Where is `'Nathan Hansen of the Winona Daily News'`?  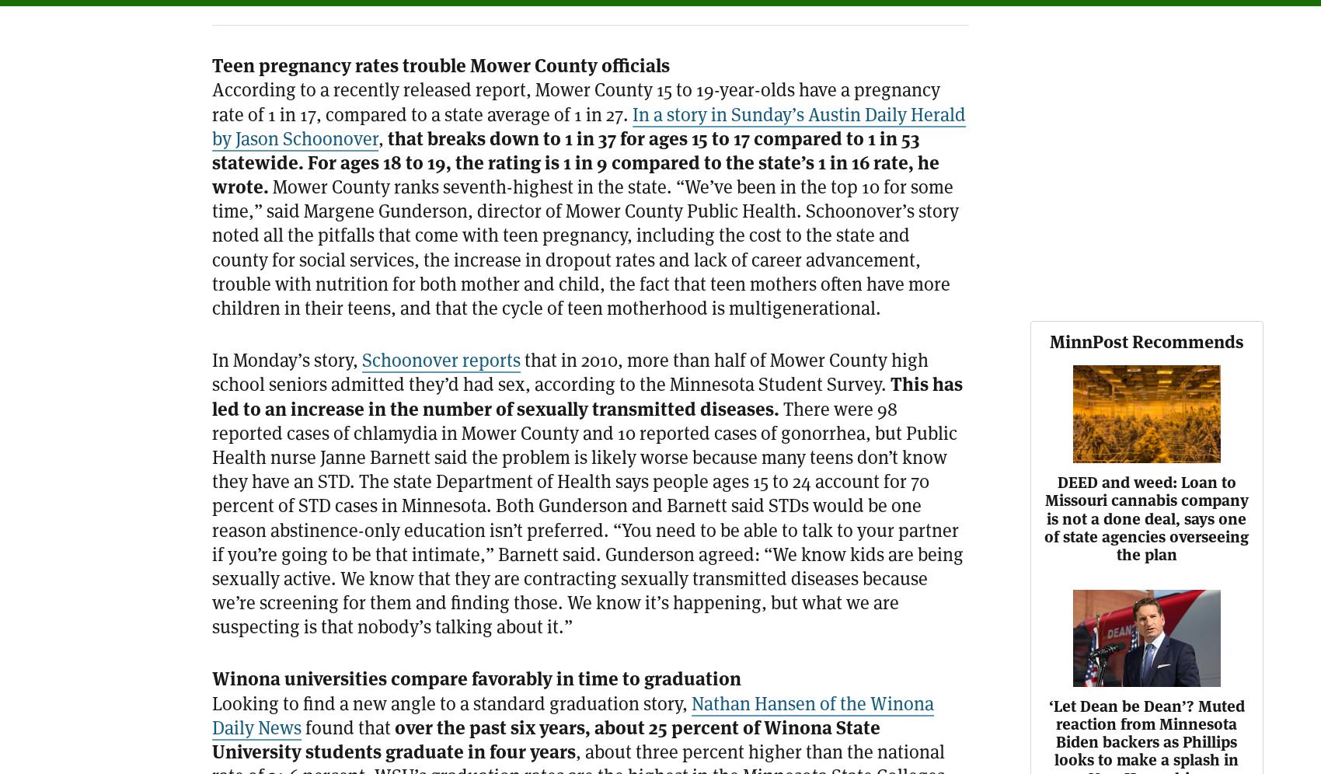
'Nathan Hansen of the Winona Daily News' is located at coordinates (573, 715).